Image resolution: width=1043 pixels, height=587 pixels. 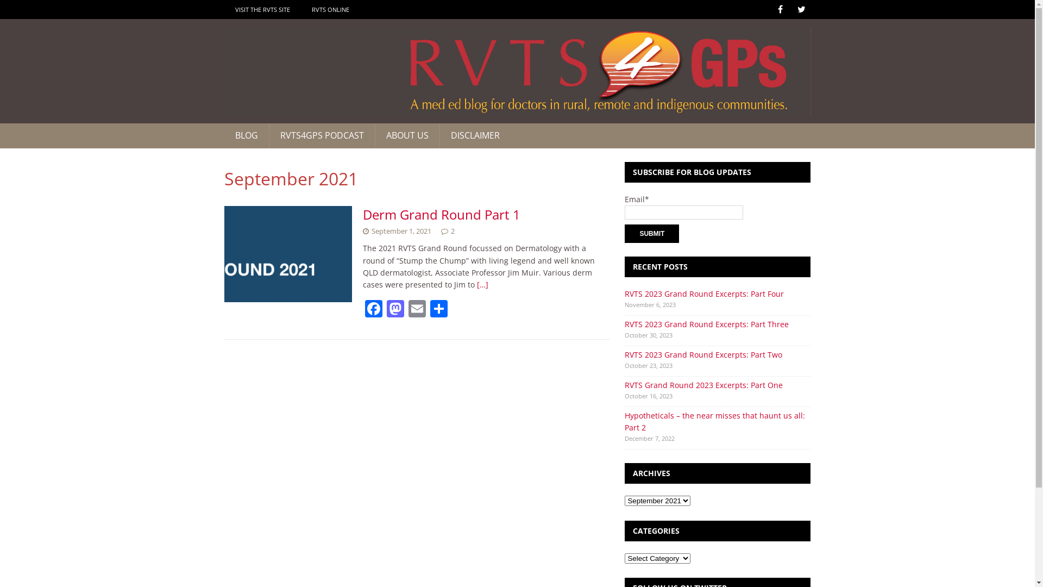 I want to click on 'Facebook', so click(x=373, y=310).